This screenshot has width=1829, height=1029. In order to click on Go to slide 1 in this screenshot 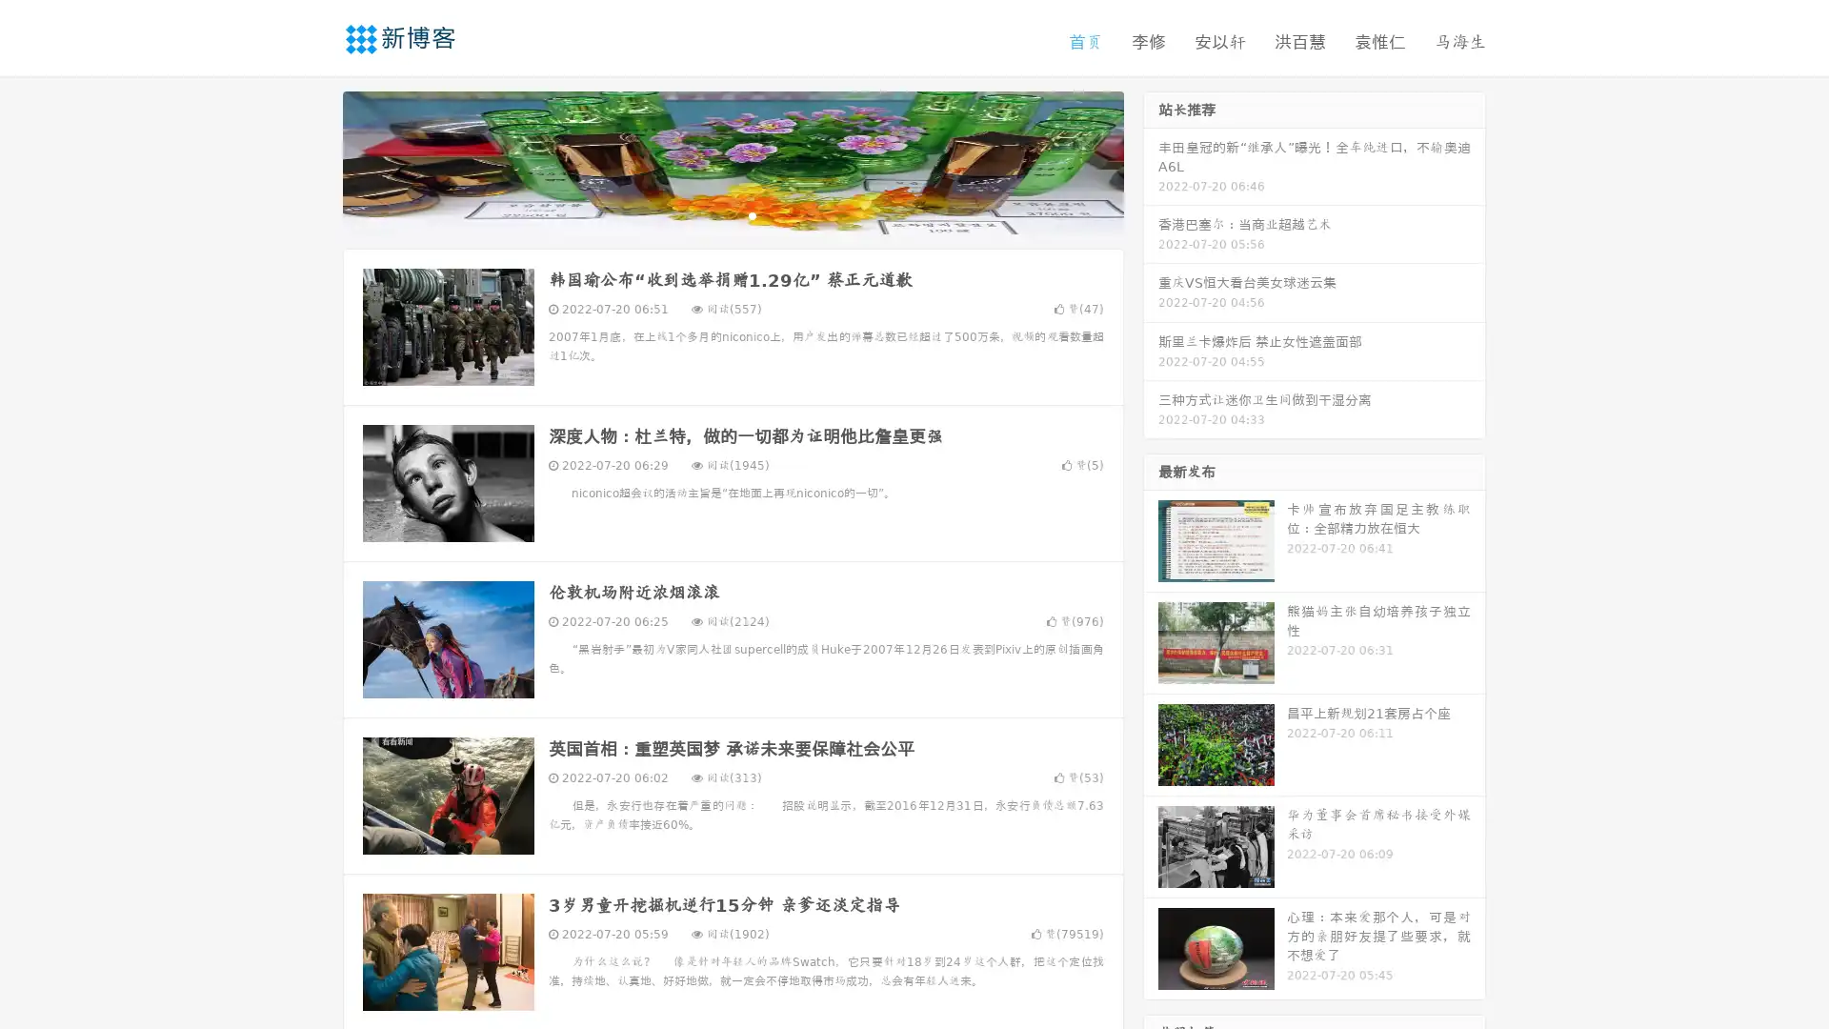, I will do `click(713, 214)`.